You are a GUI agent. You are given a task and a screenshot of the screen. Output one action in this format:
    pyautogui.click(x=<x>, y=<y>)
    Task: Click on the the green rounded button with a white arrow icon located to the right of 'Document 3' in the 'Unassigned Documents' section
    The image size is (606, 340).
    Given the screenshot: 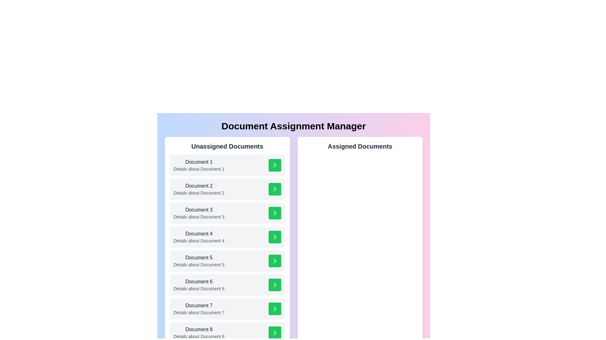 What is the action you would take?
    pyautogui.click(x=275, y=213)
    